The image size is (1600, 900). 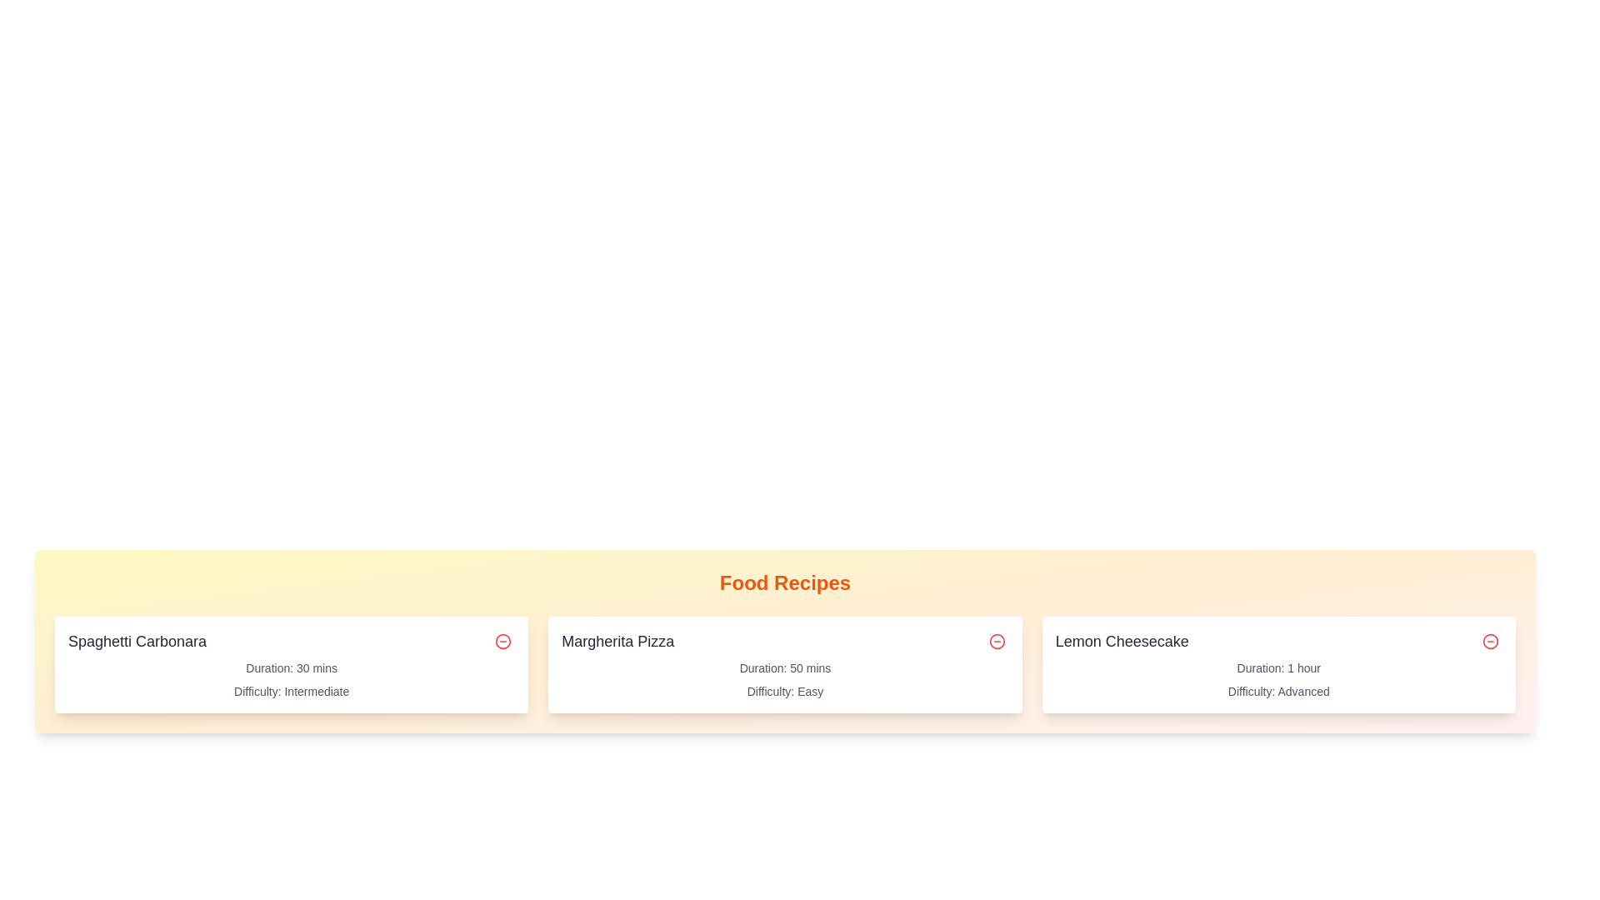 I want to click on the text label indicating the advanced difficulty level of the 'Lemon Cheesecake' recipe, located in the bottom-right card of the recipe list, so click(x=1277, y=691).